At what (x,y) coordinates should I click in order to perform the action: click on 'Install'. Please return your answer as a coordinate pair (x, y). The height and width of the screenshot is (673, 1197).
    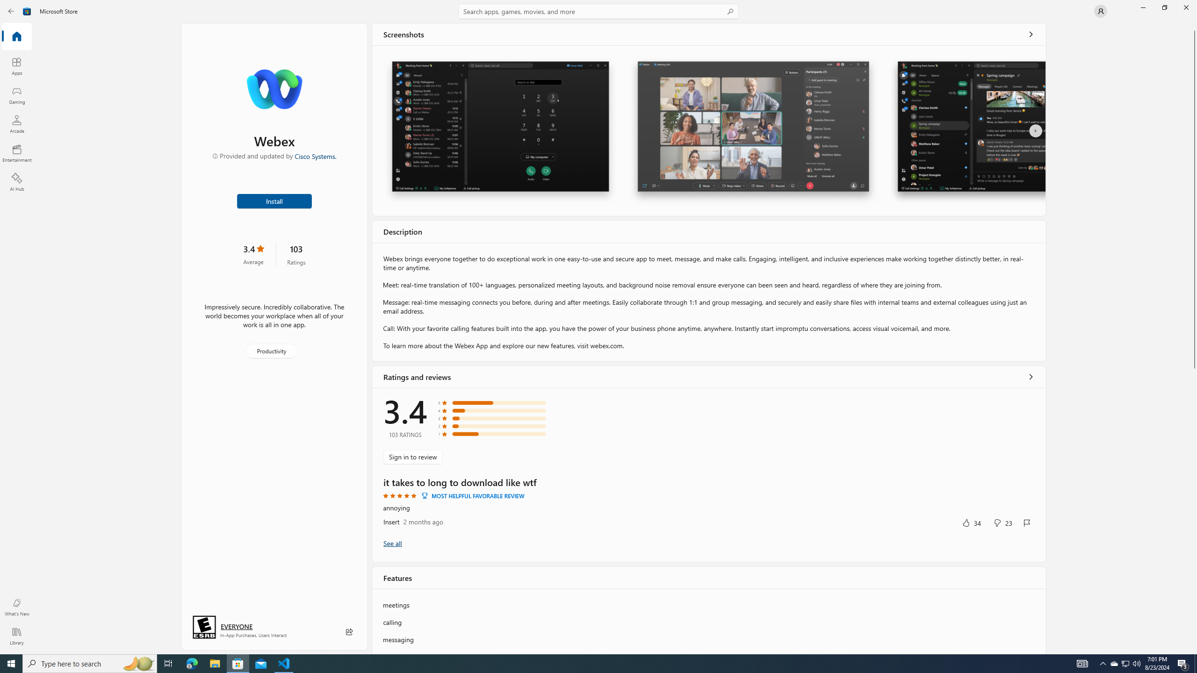
    Looking at the image, I should click on (274, 200).